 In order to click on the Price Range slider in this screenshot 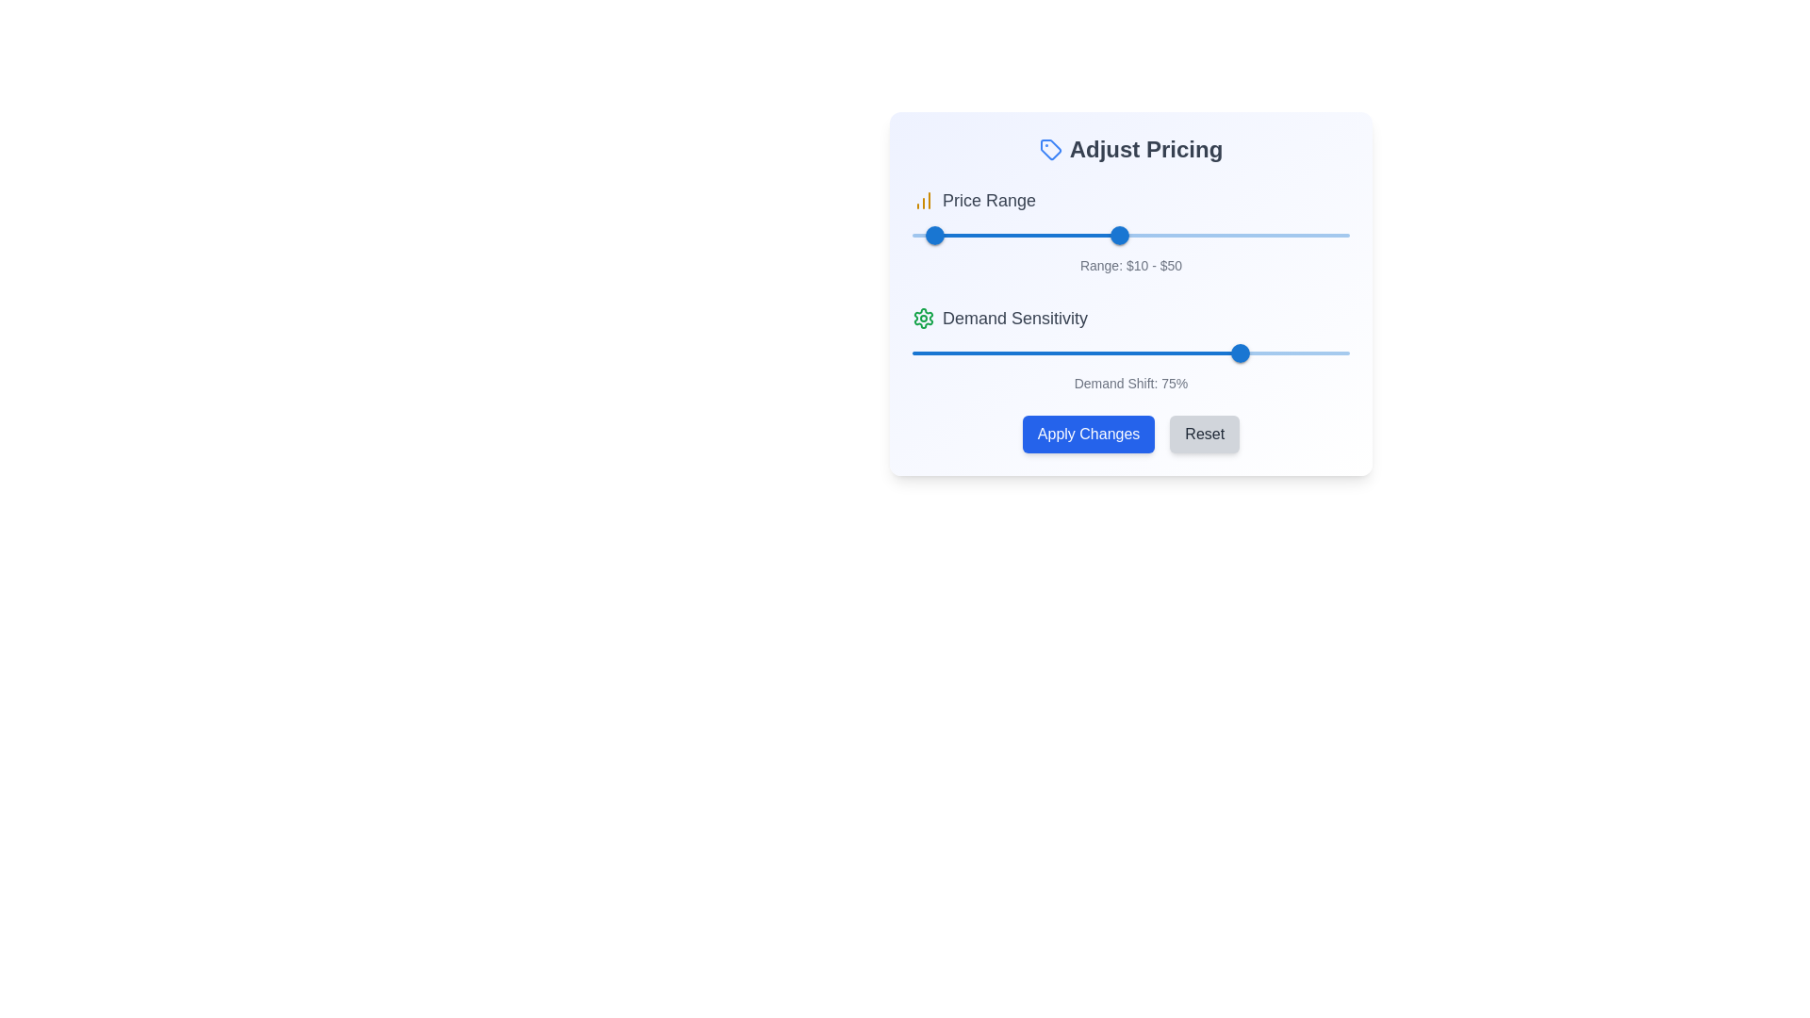, I will do `click(949, 235)`.